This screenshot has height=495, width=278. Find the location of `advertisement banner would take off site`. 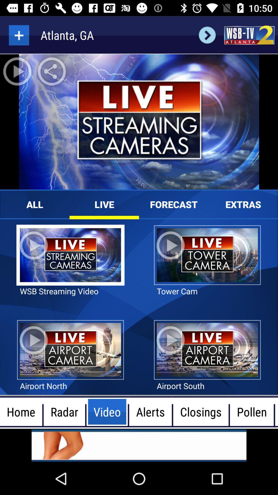

advertisement banner would take off site is located at coordinates (139, 445).